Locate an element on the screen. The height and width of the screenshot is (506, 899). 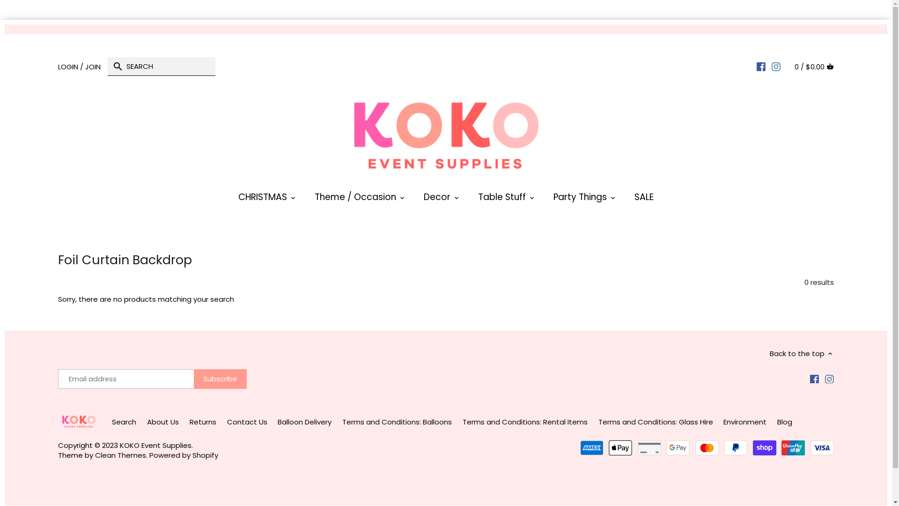
'About Us' is located at coordinates (162, 422).